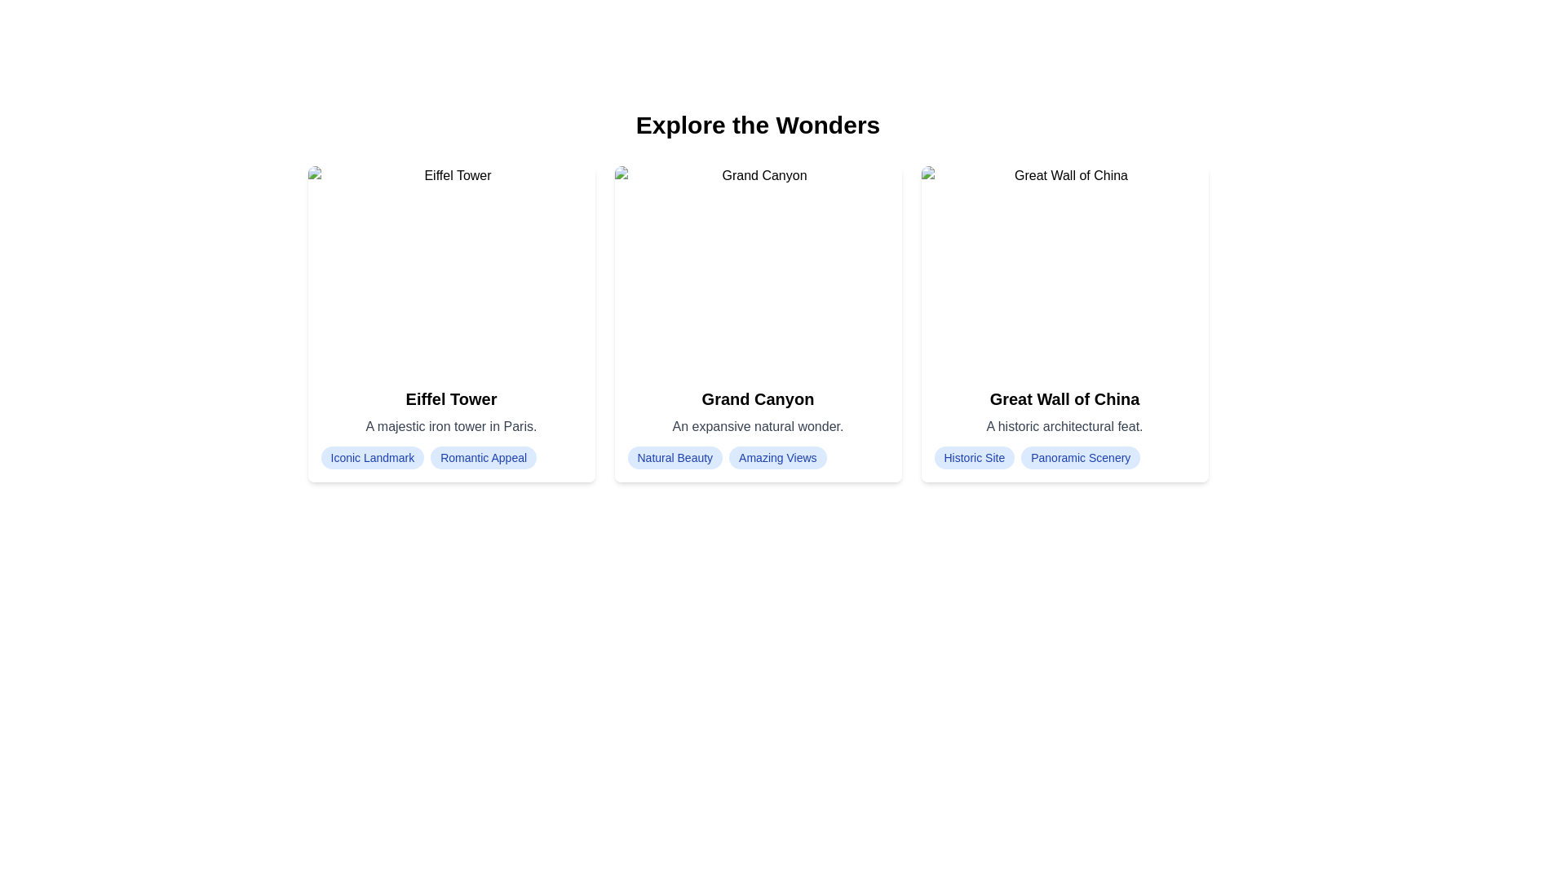 The width and height of the screenshot is (1566, 880). I want to click on the button located at the bottom center of the 'Grand Canyon' card, so click(757, 452).